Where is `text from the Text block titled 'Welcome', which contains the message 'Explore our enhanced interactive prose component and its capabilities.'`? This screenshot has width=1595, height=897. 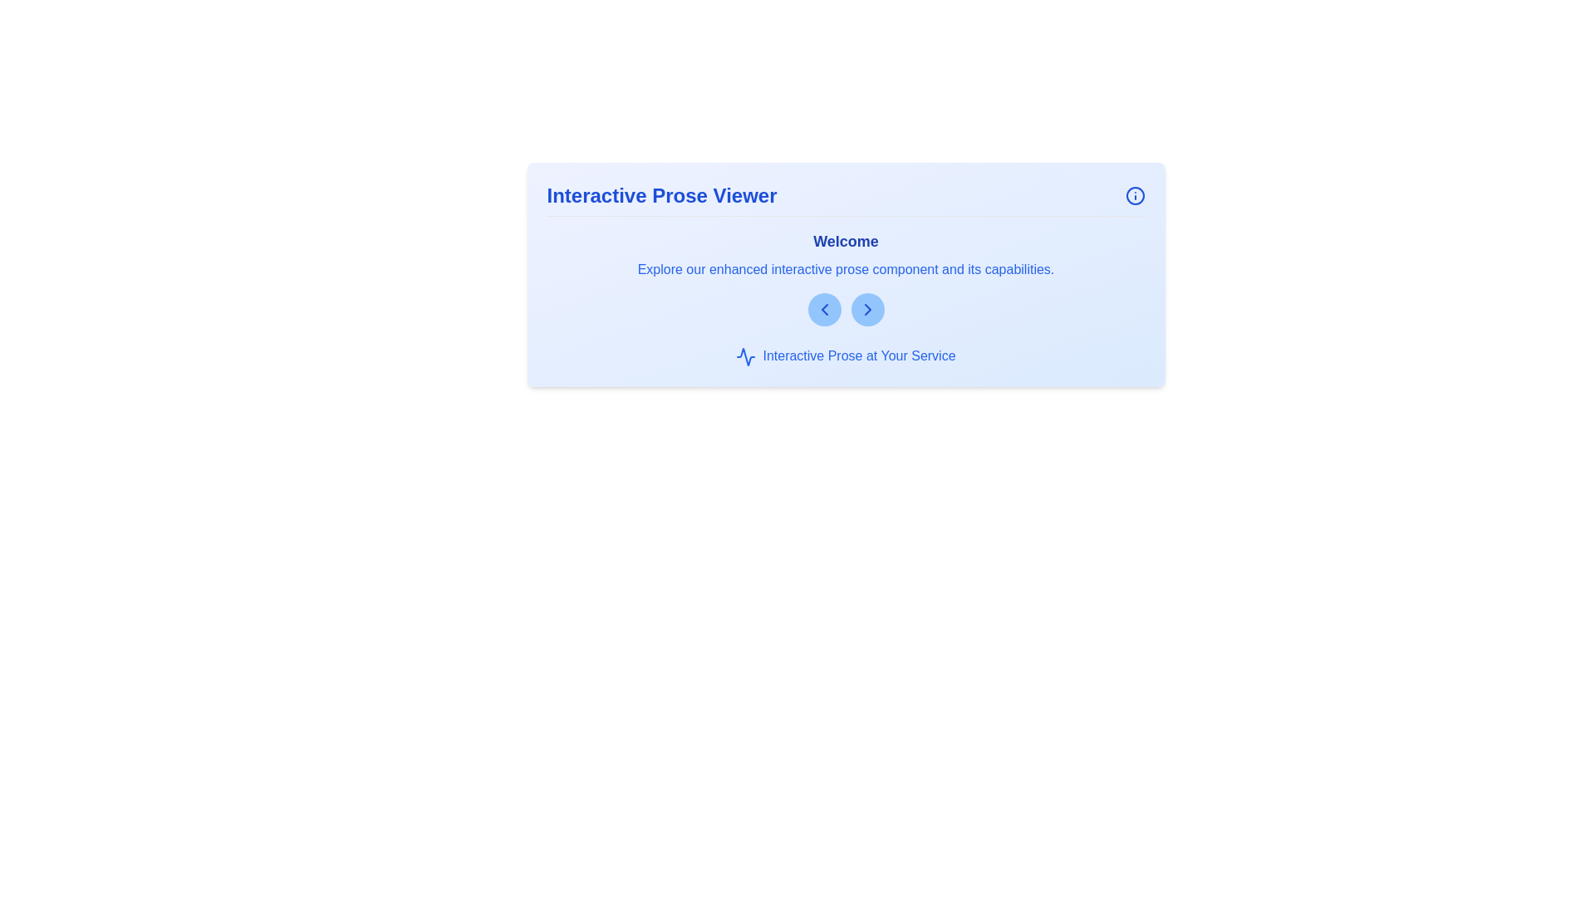 text from the Text block titled 'Welcome', which contains the message 'Explore our enhanced interactive prose component and its capabilities.' is located at coordinates (846, 277).